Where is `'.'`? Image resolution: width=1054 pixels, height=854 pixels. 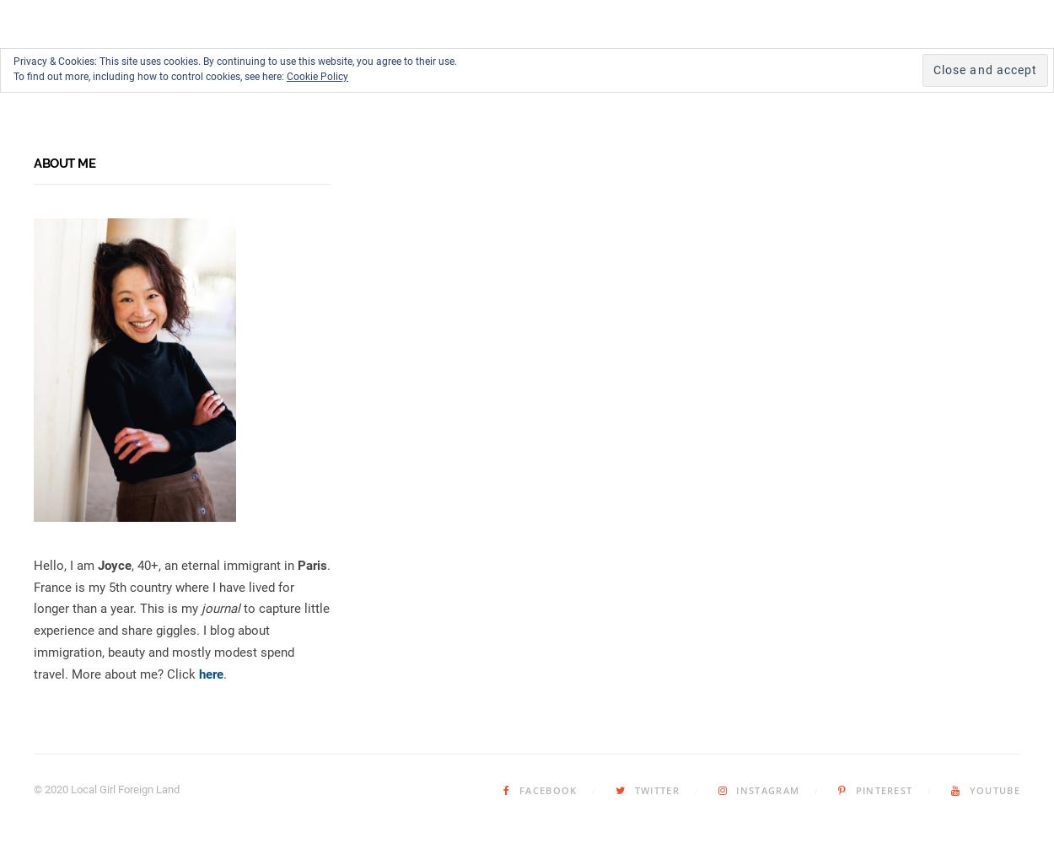
'.' is located at coordinates (225, 674).